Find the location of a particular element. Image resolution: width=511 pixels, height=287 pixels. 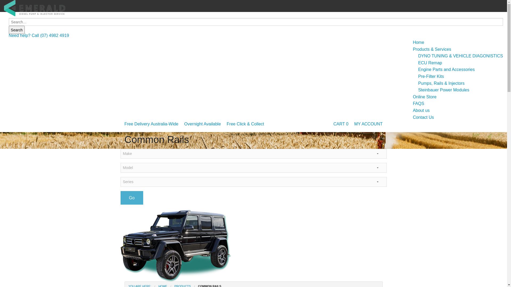

'Engine Parts and Accessories' is located at coordinates (446, 69).